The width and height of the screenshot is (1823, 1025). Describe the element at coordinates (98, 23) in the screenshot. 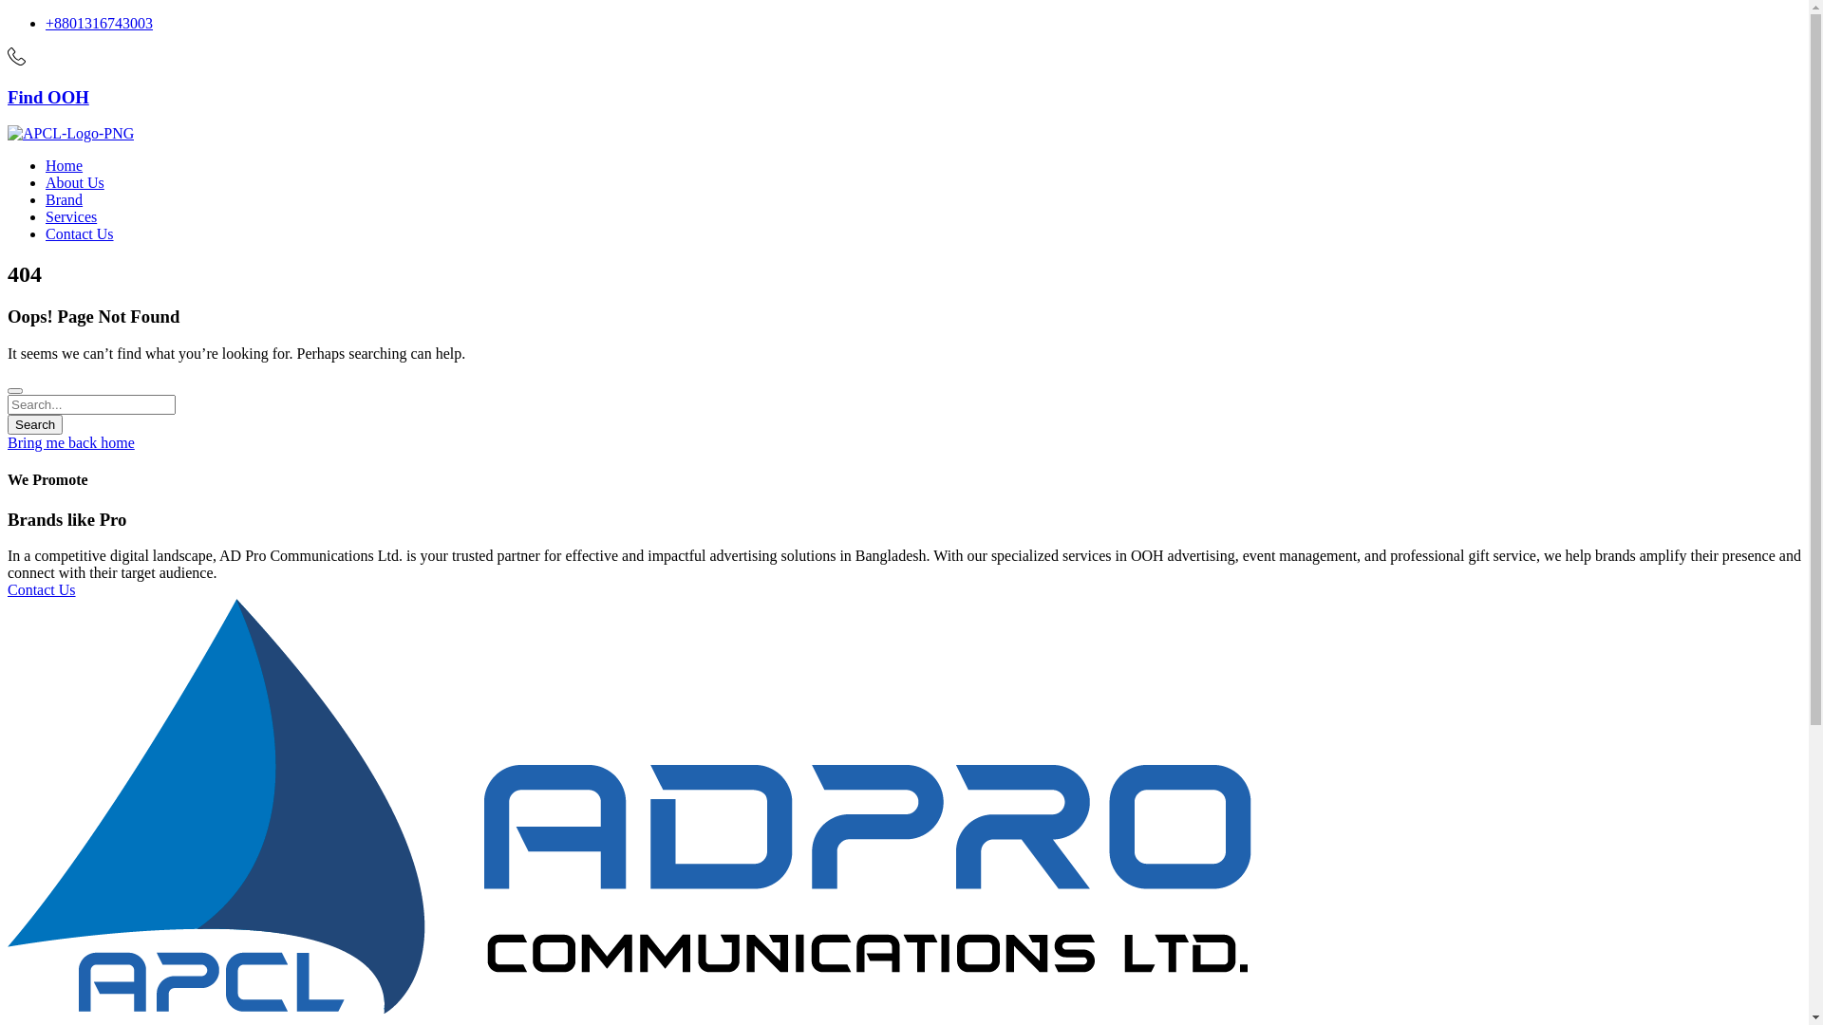

I see `'+8801316743003'` at that location.